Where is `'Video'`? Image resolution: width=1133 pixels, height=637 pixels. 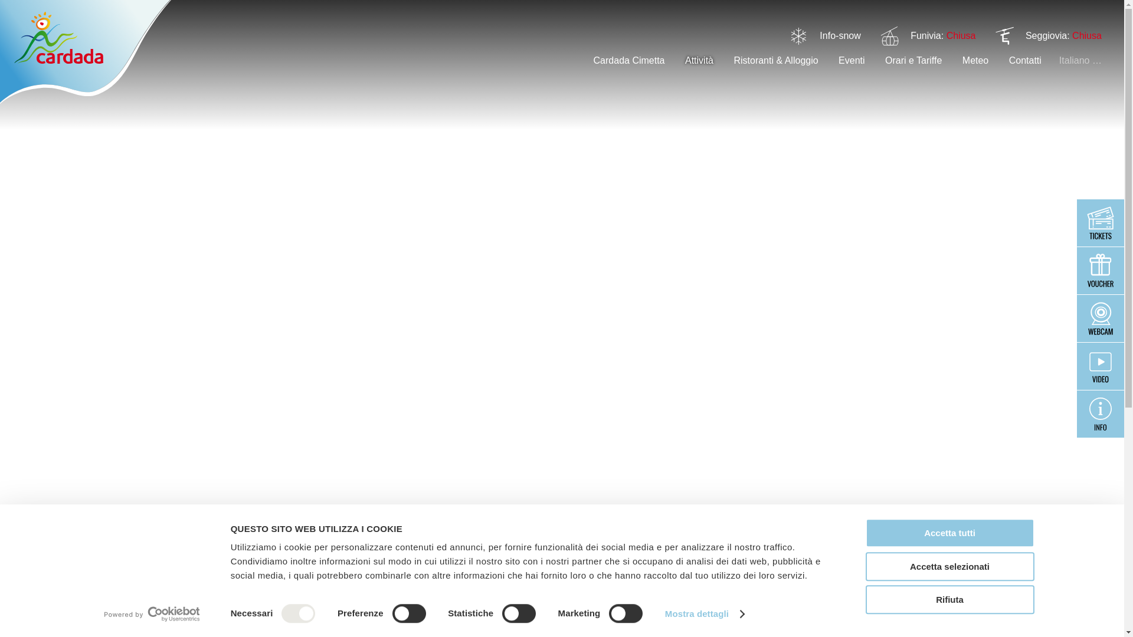
'Video' is located at coordinates (1100, 366).